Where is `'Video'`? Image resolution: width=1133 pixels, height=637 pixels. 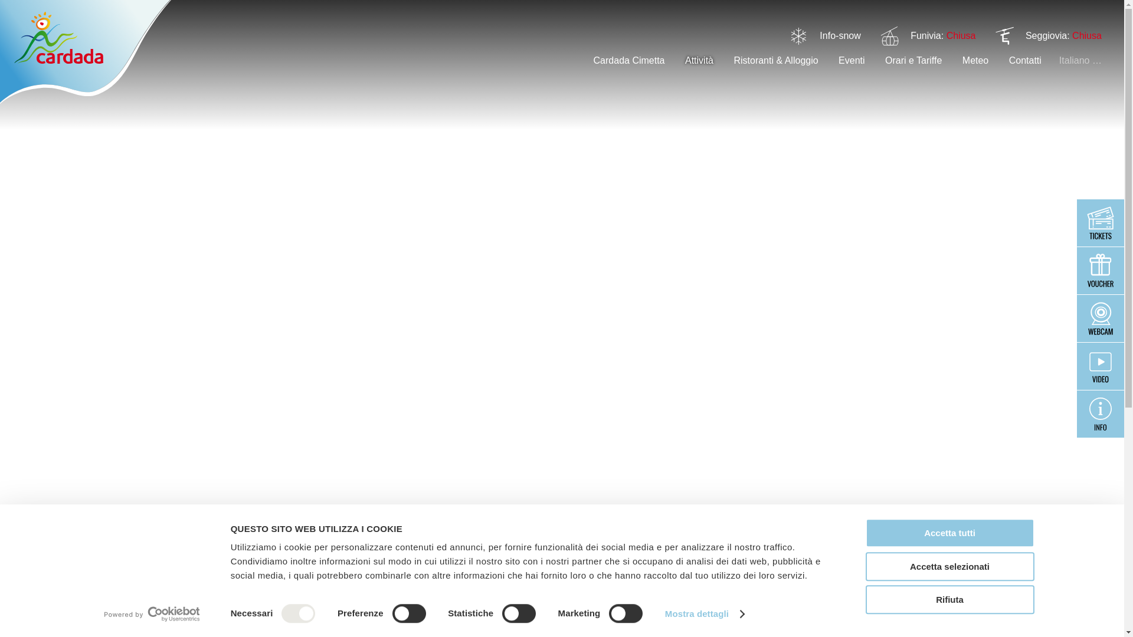
'Video' is located at coordinates (1100, 366).